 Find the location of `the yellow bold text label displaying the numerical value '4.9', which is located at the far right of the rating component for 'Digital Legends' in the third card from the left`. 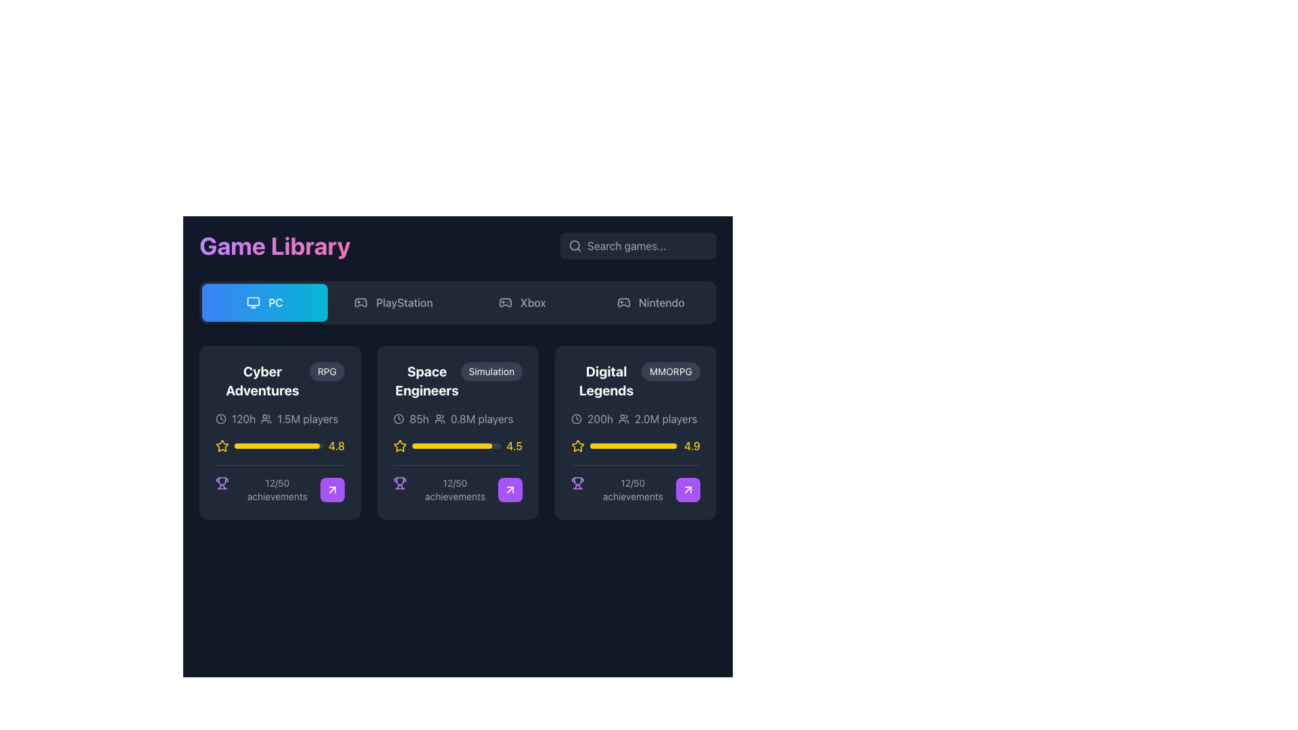

the yellow bold text label displaying the numerical value '4.9', which is located at the far right of the rating component for 'Digital Legends' in the third card from the left is located at coordinates (692, 445).